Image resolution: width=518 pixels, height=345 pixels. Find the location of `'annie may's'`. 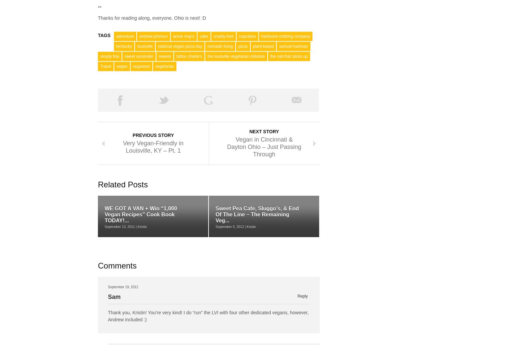

'annie may's' is located at coordinates (183, 36).